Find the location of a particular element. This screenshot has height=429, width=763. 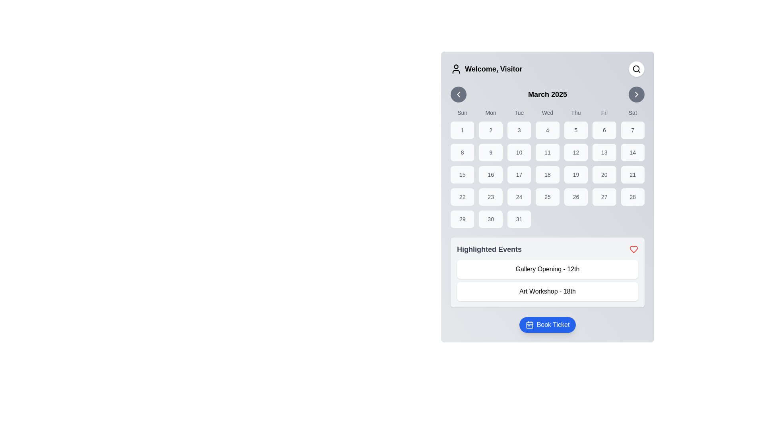

the button displaying the number '3' in the calendar interface to change its background color is located at coordinates (519, 129).